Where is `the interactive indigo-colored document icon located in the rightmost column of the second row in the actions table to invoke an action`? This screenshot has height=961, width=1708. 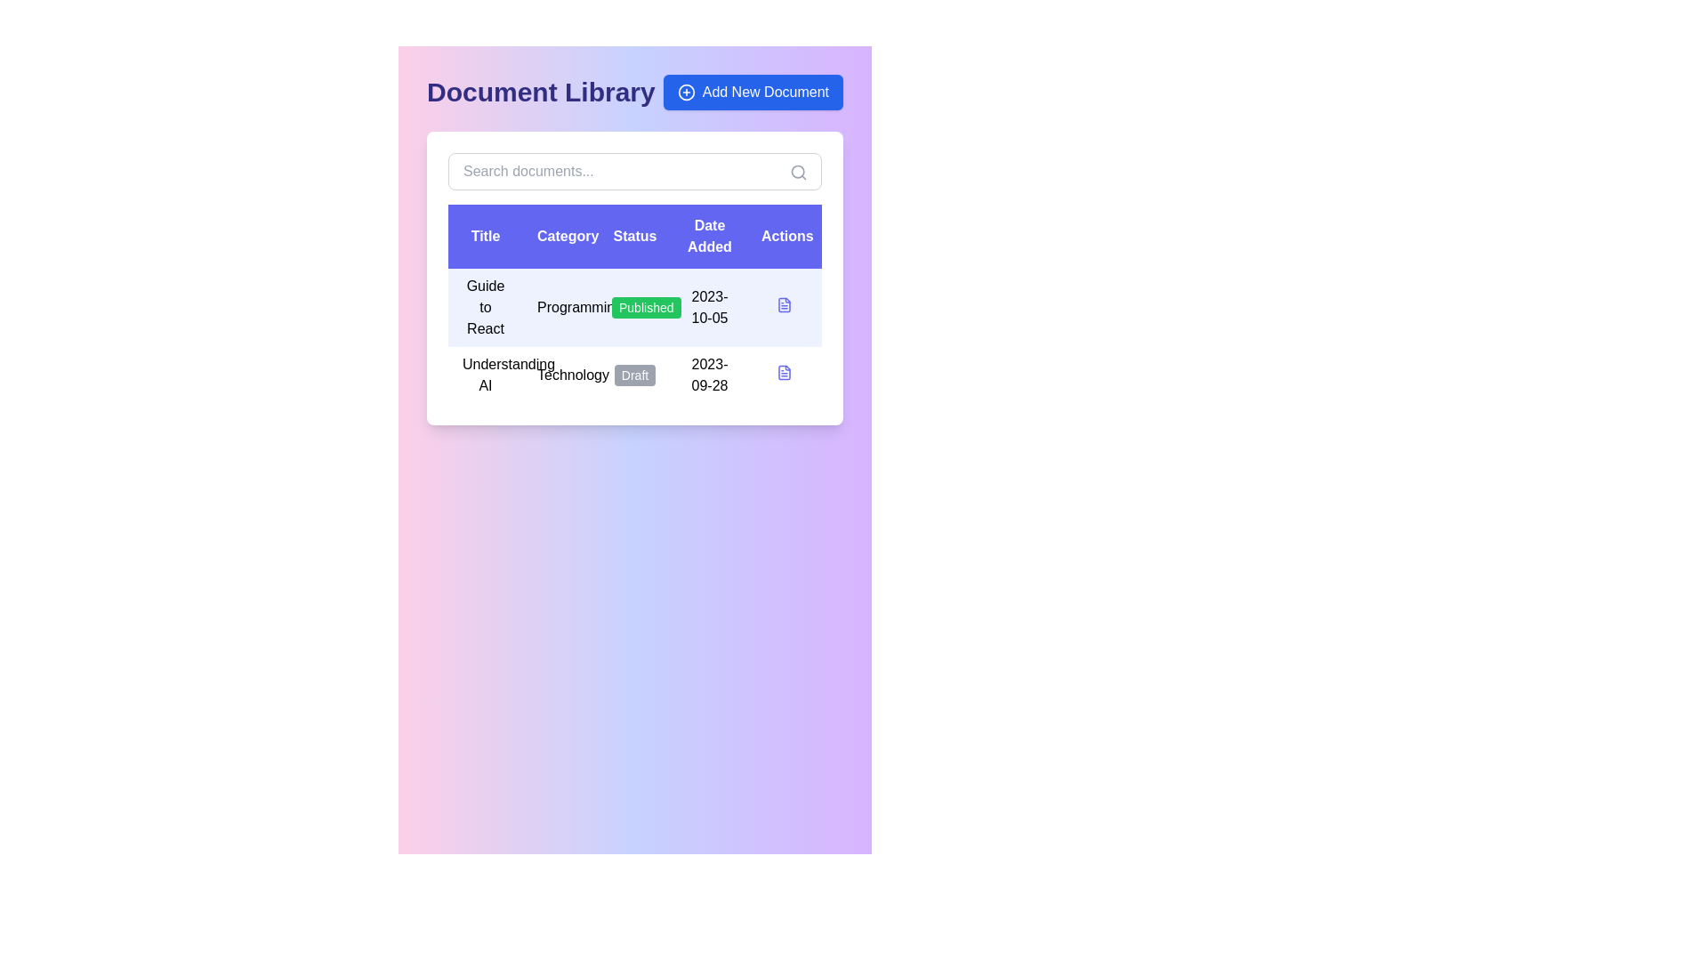 the interactive indigo-colored document icon located in the rightmost column of the second row in the actions table to invoke an action is located at coordinates (784, 370).